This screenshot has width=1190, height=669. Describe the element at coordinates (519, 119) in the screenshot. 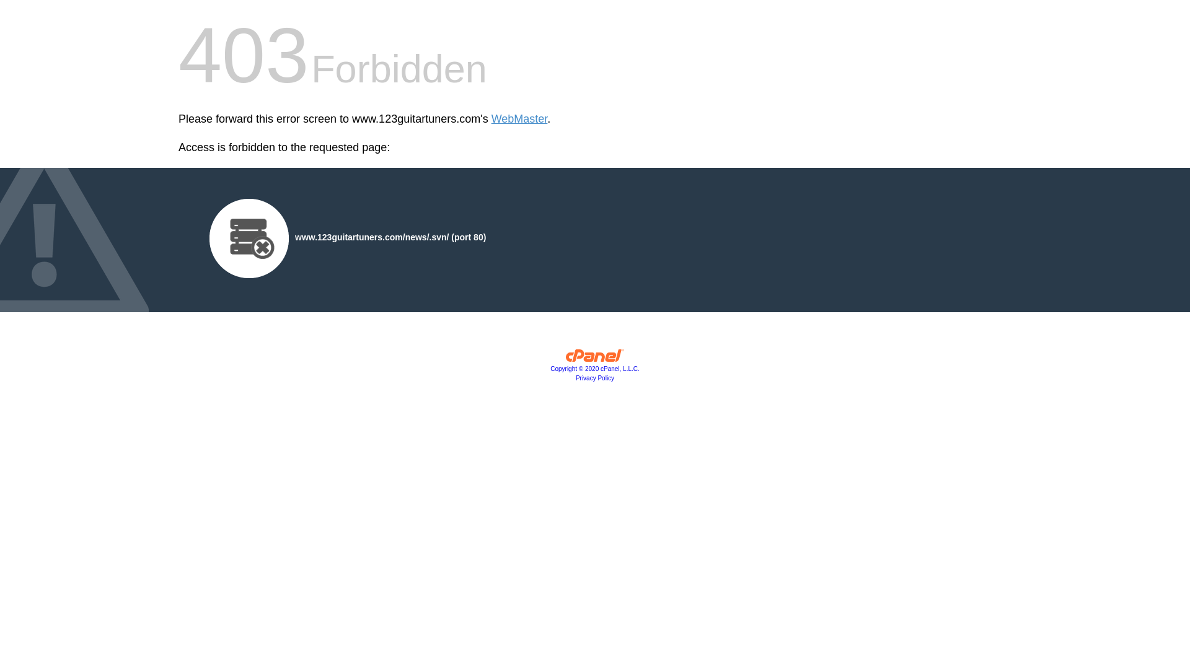

I see `'WebMaster'` at that location.